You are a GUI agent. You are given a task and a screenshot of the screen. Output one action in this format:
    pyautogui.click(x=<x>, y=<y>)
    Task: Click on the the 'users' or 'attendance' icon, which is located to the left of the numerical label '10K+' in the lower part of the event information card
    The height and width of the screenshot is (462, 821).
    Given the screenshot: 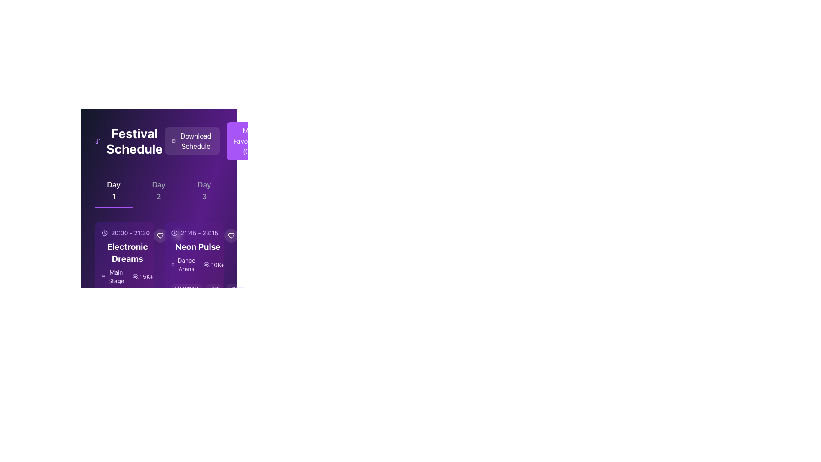 What is the action you would take?
    pyautogui.click(x=206, y=264)
    